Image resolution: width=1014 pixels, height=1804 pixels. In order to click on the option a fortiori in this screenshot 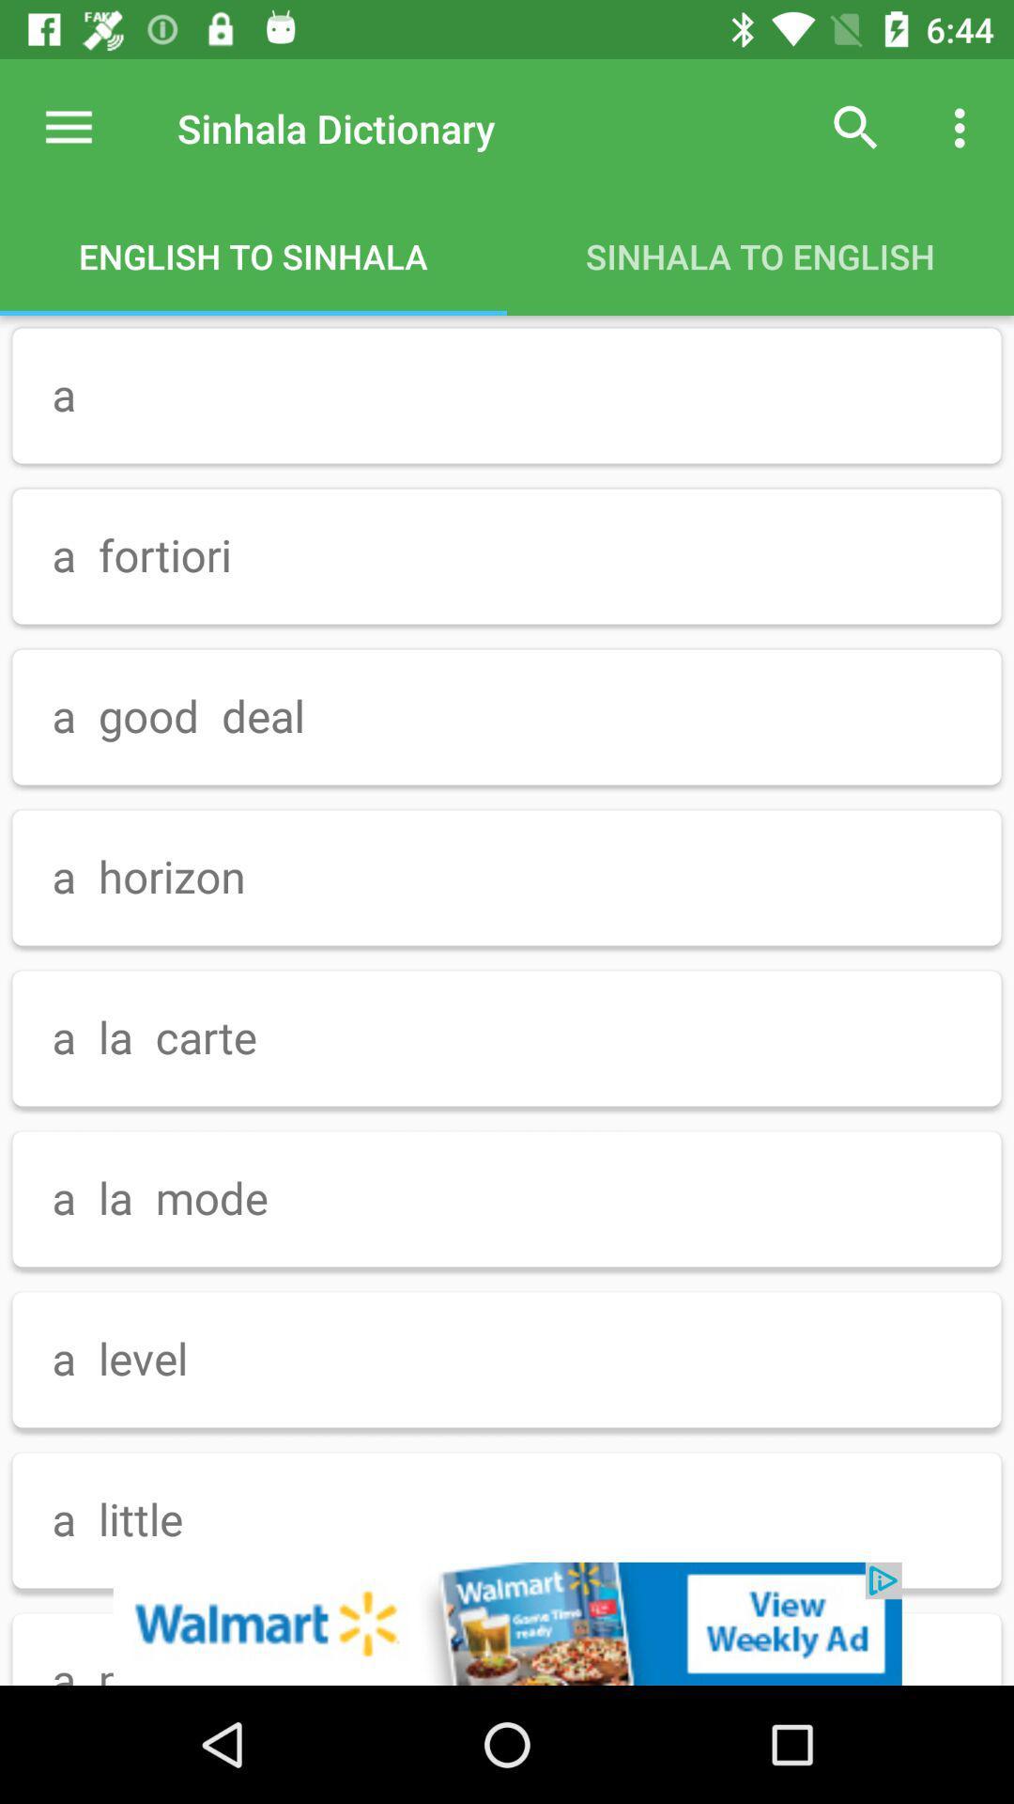, I will do `click(507, 556)`.